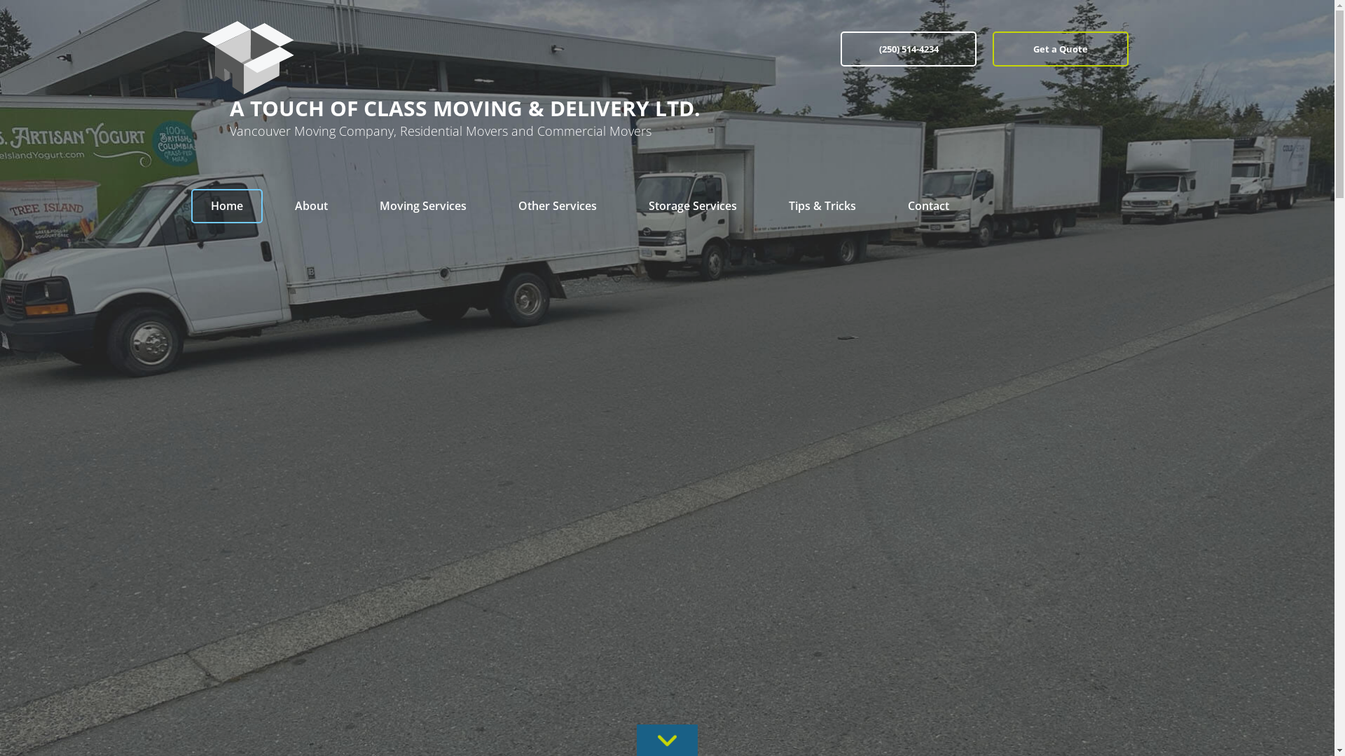  I want to click on 'About', so click(310, 206).